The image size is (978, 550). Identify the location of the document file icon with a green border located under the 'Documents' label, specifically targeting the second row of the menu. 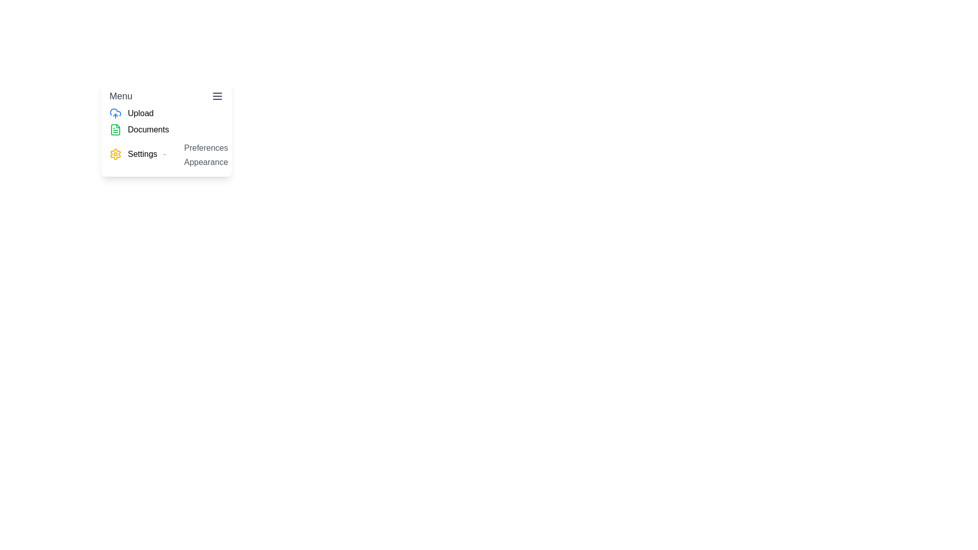
(115, 129).